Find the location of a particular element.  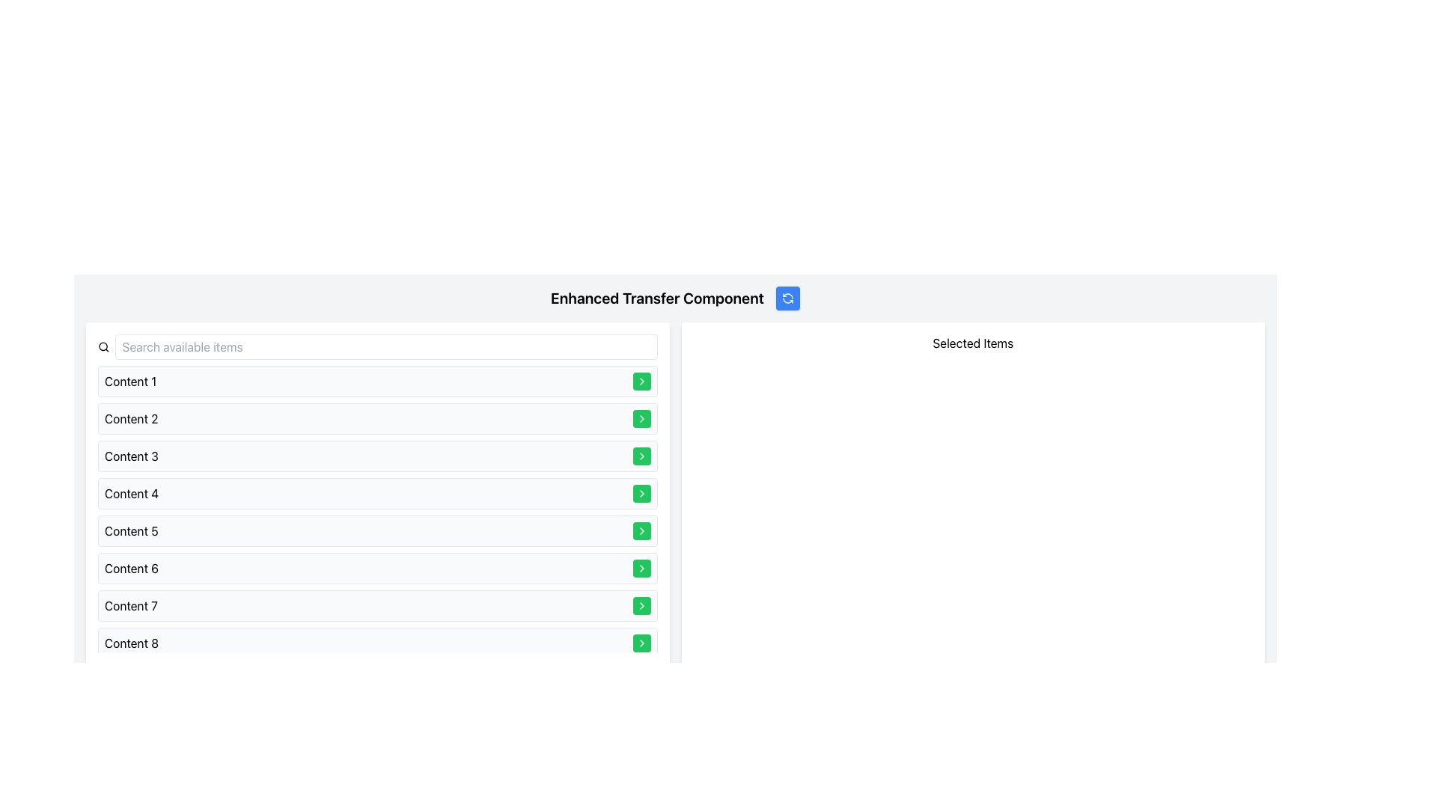

the green button with a white right-pointing chevron icon located within the list item labeled 'Content 5' on the left panel is located at coordinates (641, 530).